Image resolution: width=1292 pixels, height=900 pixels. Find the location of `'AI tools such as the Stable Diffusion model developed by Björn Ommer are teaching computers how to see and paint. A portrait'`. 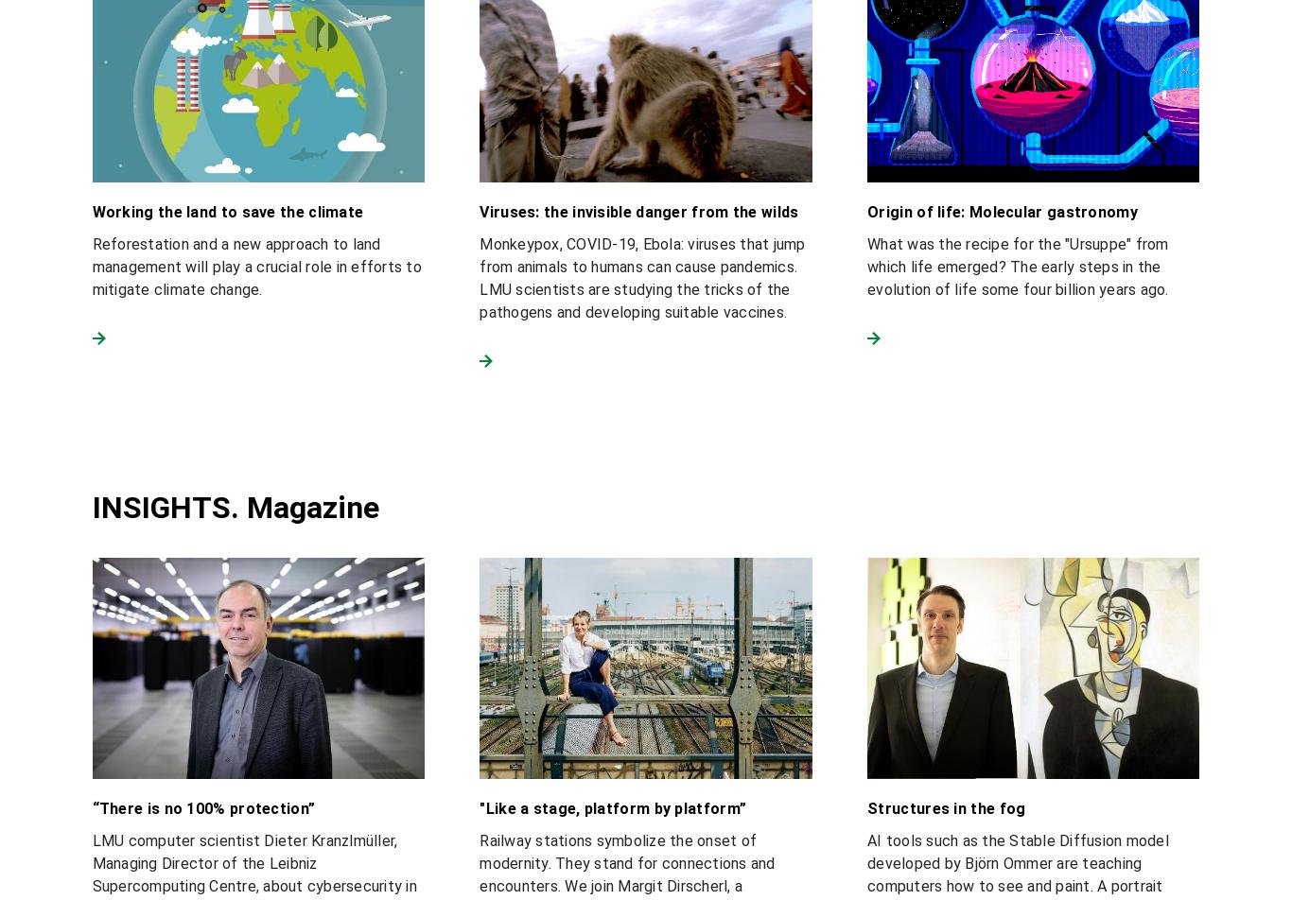

'AI tools such as the Stable Diffusion model developed by Björn Ommer are teaching computers how to see and paint. A portrait' is located at coordinates (1016, 863).